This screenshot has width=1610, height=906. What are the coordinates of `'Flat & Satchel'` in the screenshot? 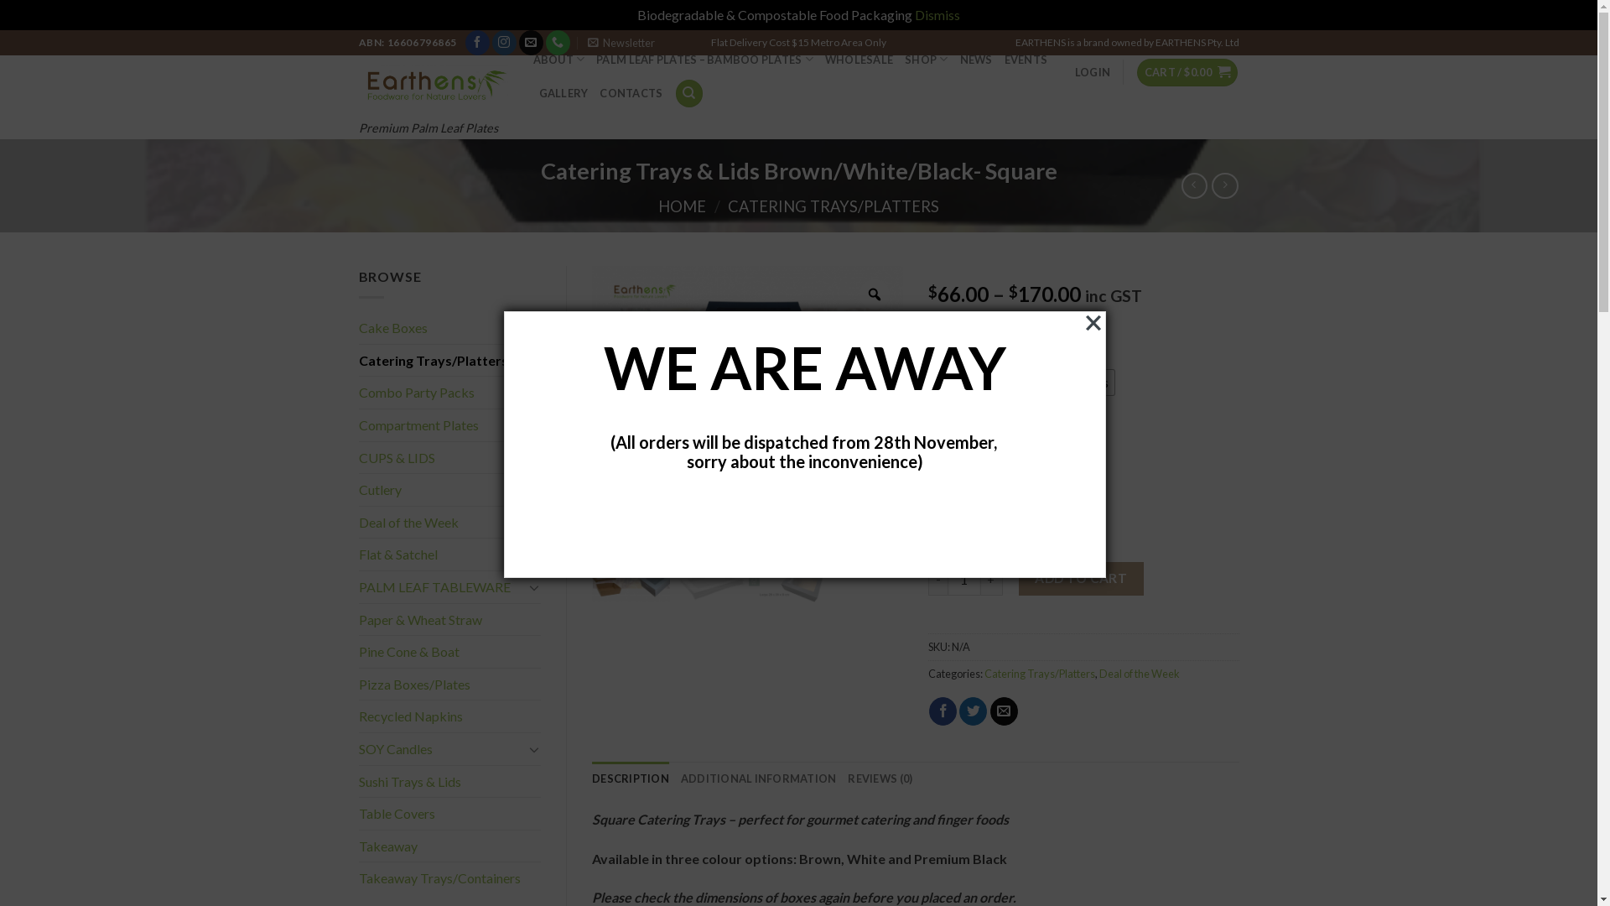 It's located at (450, 554).